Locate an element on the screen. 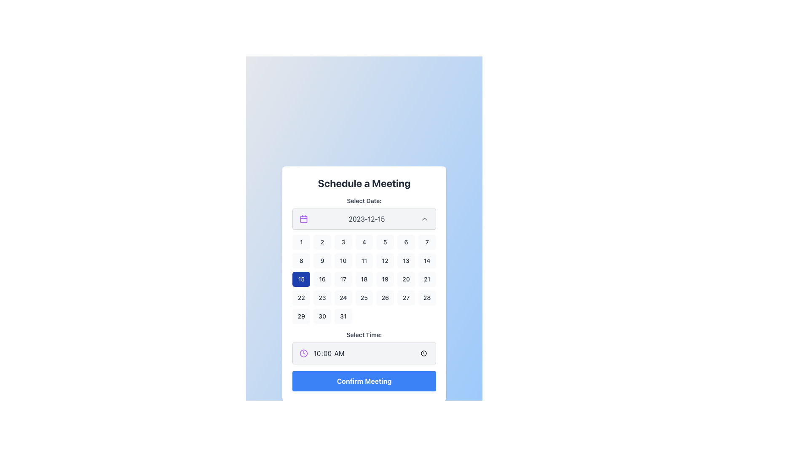  the button representing the 12th day of the month in the calendar interface within the 'Schedule a Meeting' interface is located at coordinates (385, 260).